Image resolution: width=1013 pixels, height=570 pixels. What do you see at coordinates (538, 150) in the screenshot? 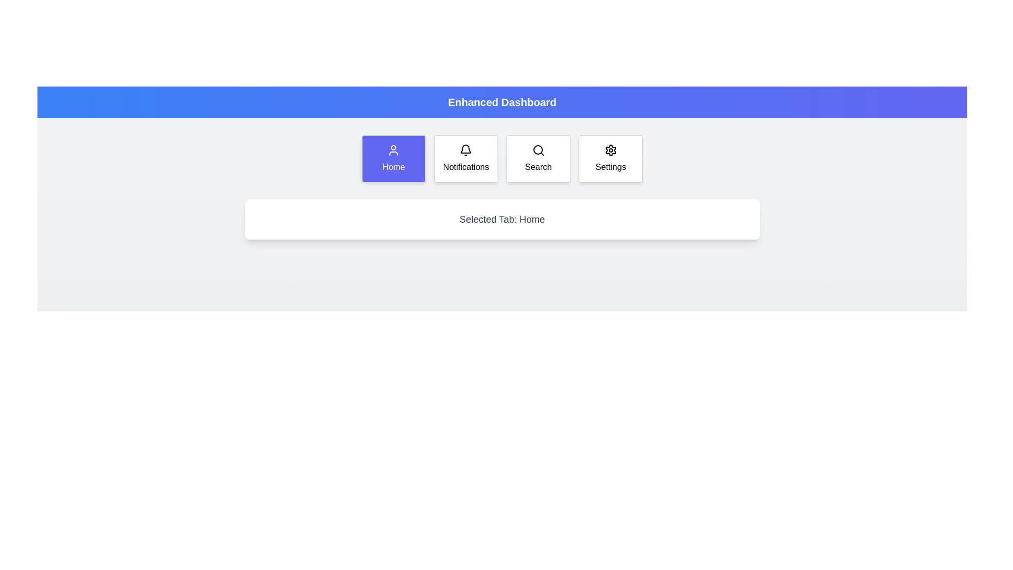
I see `the magnifying glass icon` at bounding box center [538, 150].